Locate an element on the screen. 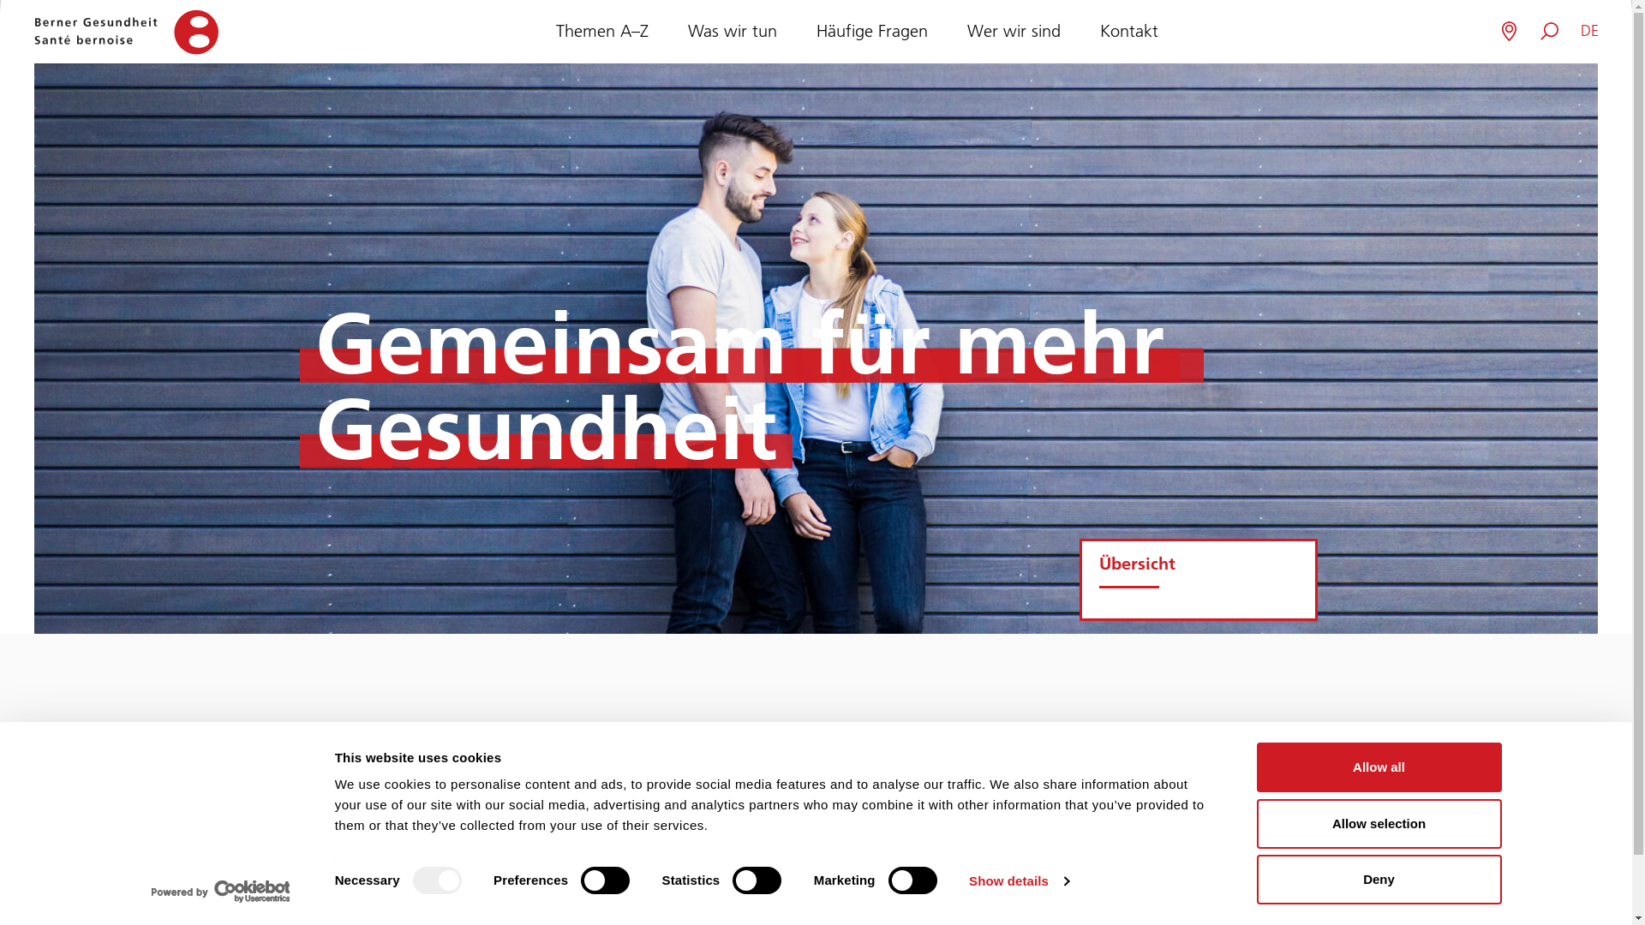 This screenshot has width=1645, height=925. 'Was wir tun' is located at coordinates (732, 31).